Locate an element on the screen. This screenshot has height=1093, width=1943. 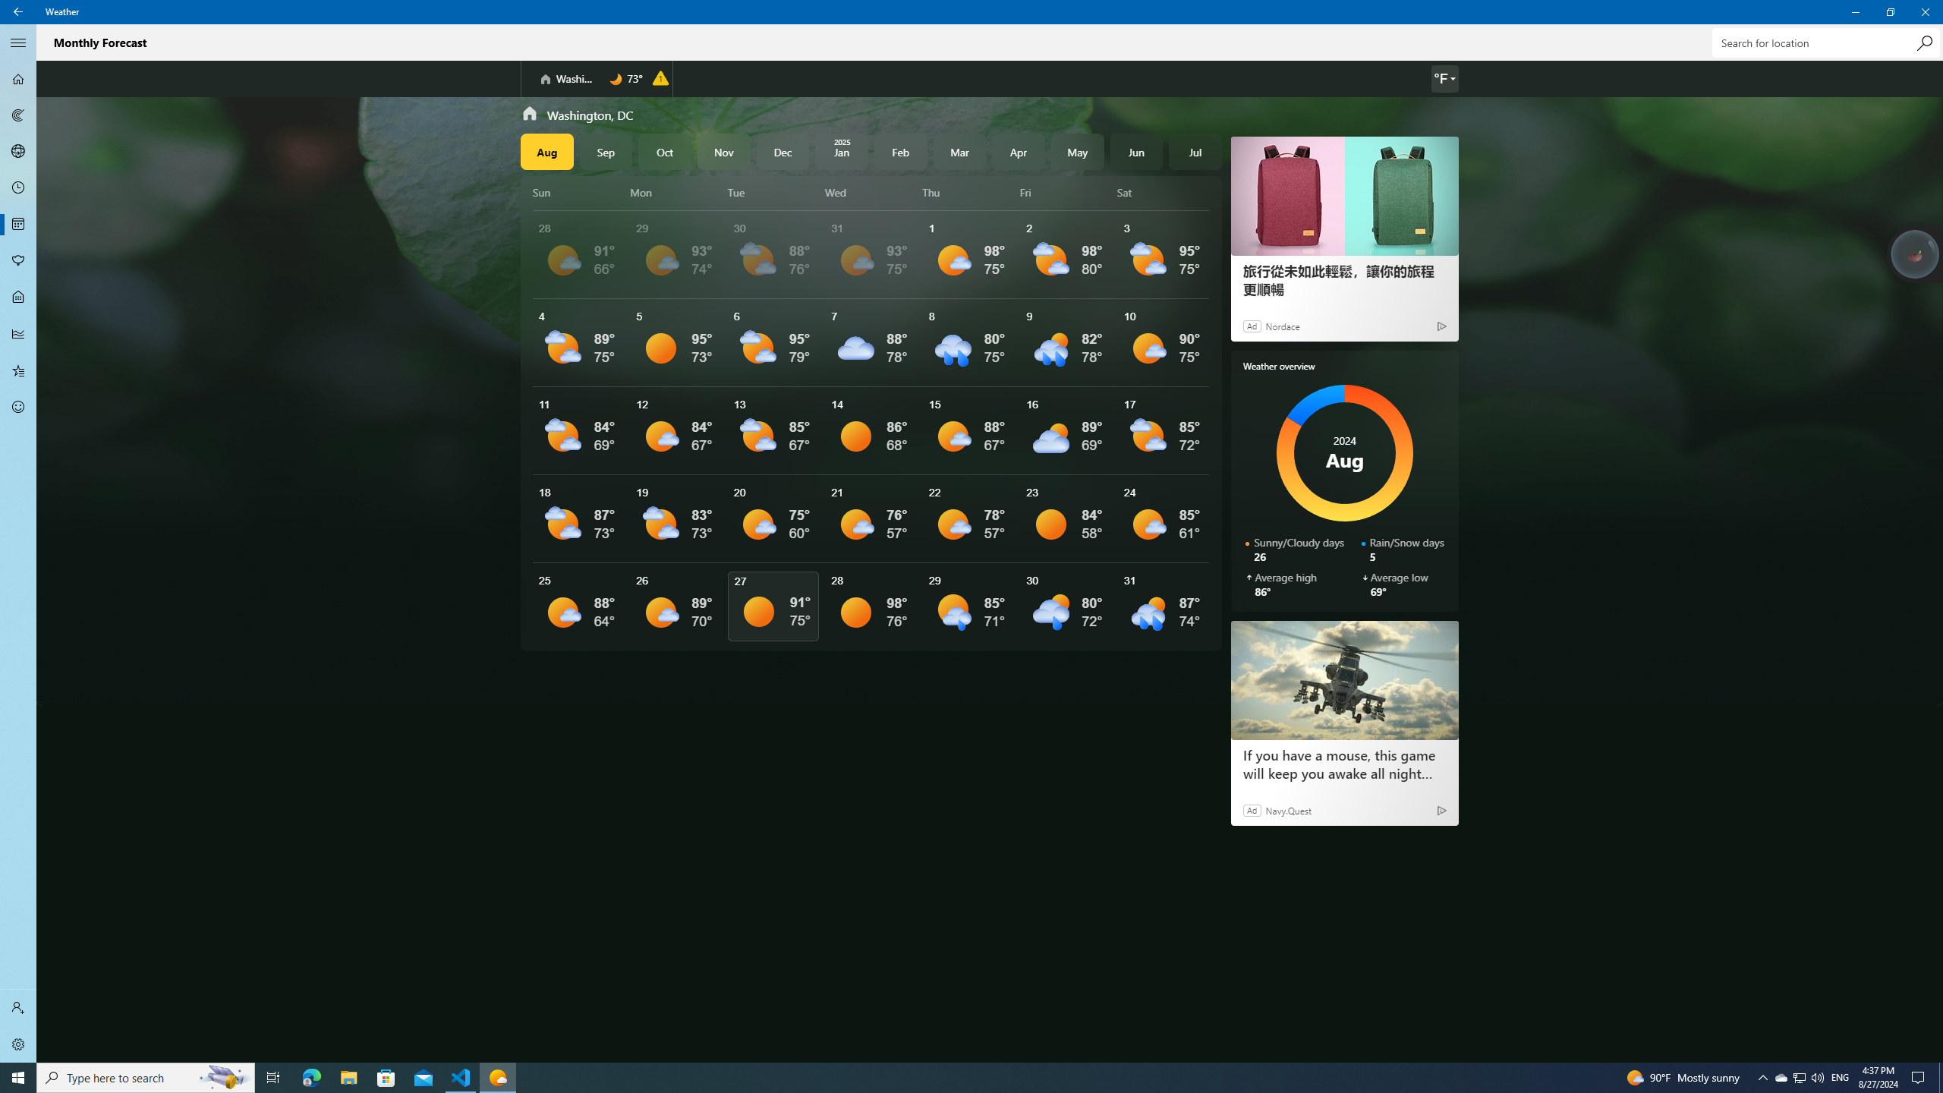
'Weather - 1 running window' is located at coordinates (498, 1076).